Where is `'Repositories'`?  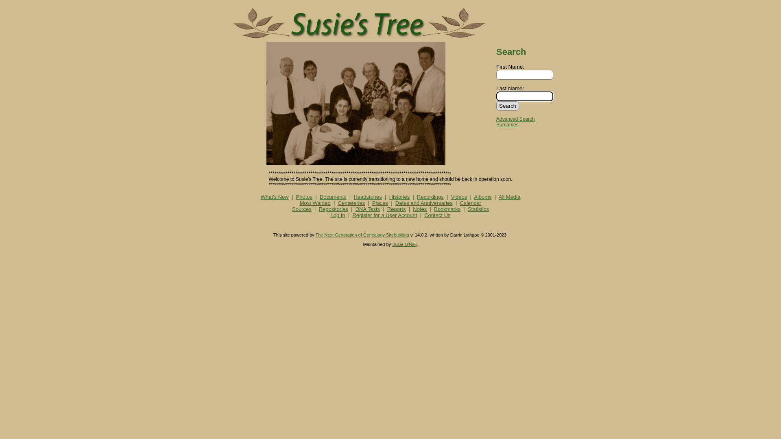 'Repositories' is located at coordinates (318, 209).